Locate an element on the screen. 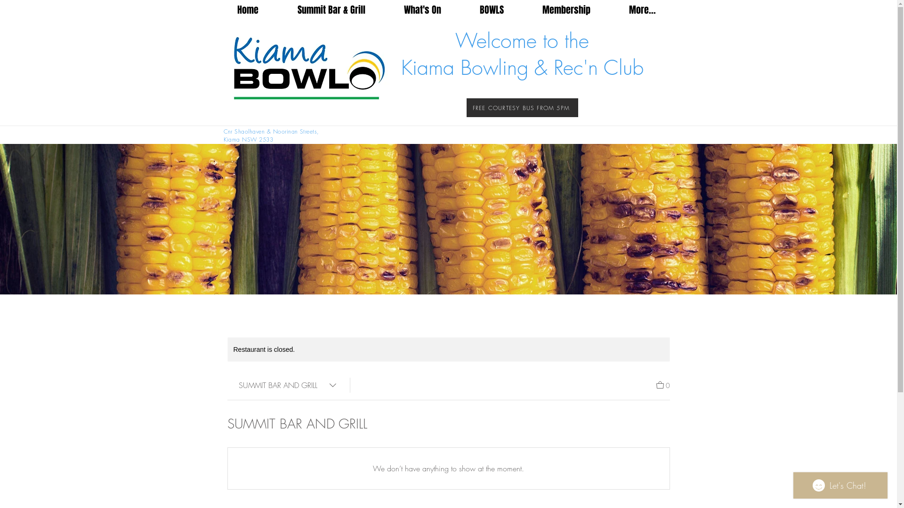 This screenshot has height=508, width=904. 'FREE COURTESY BUS FROM 5PM' is located at coordinates (521, 107).